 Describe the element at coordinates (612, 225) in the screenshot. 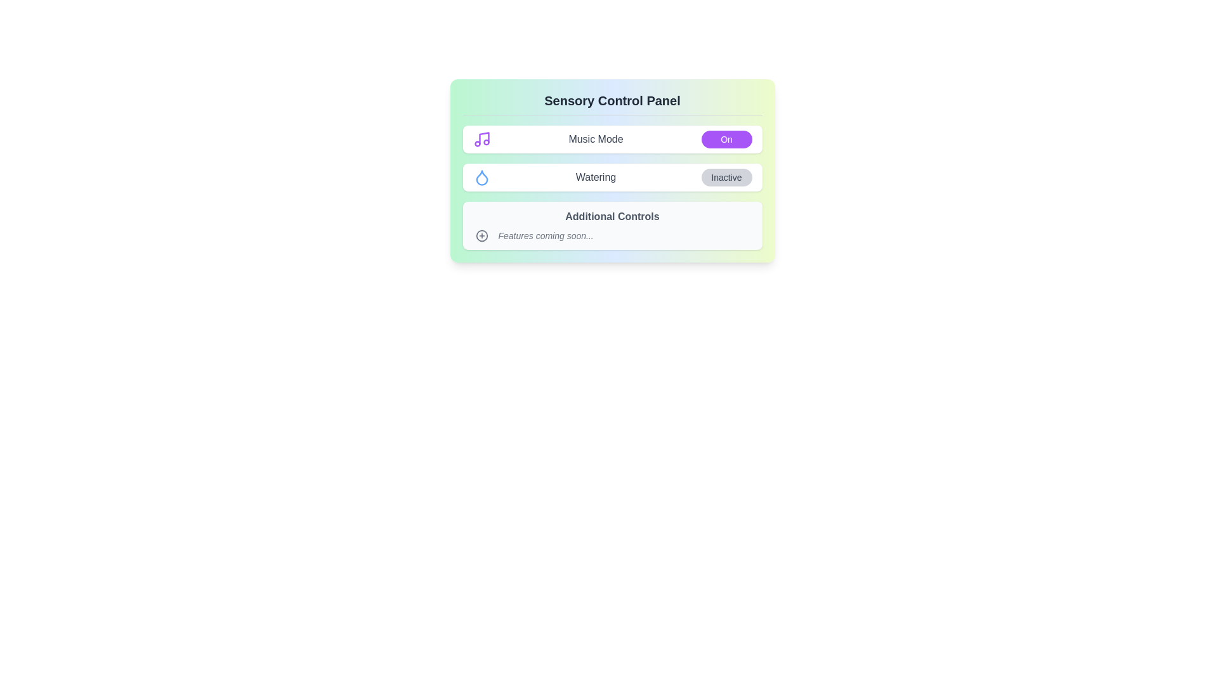

I see `the 'Additional Controls' section of the Information Box in the Sensory Control Panel, which indicates that some features are not yet available` at that location.